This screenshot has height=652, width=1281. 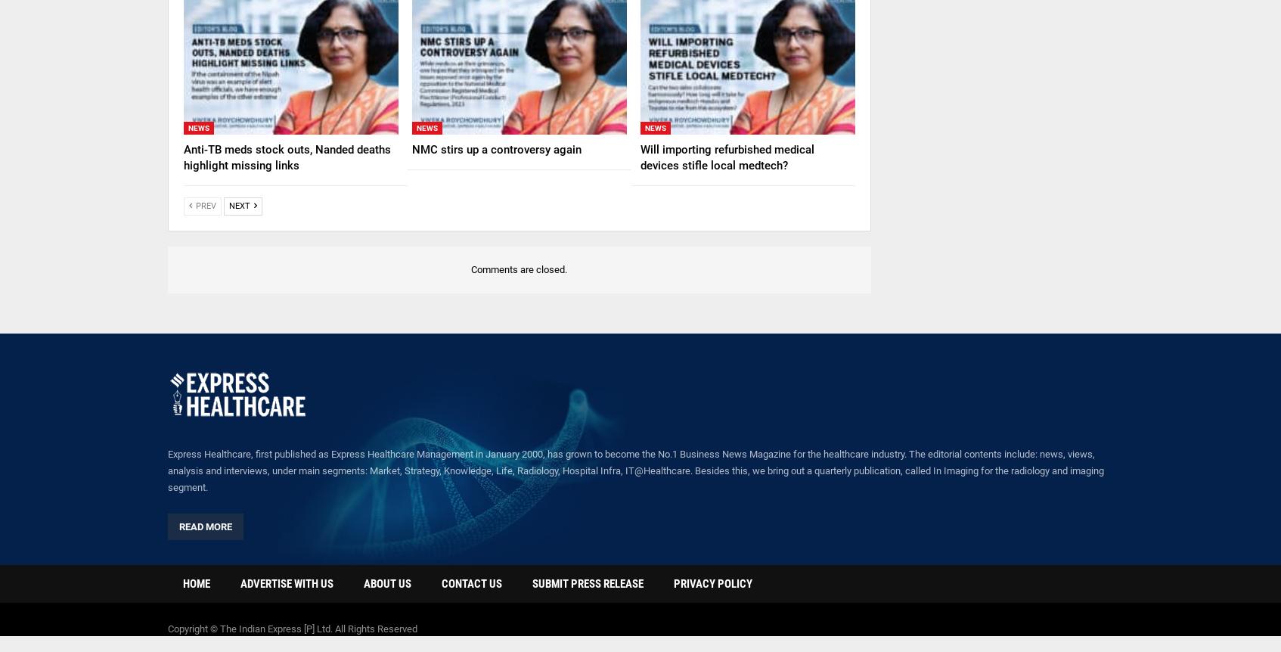 I want to click on 'Will importing refurbished medical devices stifle local medtech?', so click(x=727, y=157).